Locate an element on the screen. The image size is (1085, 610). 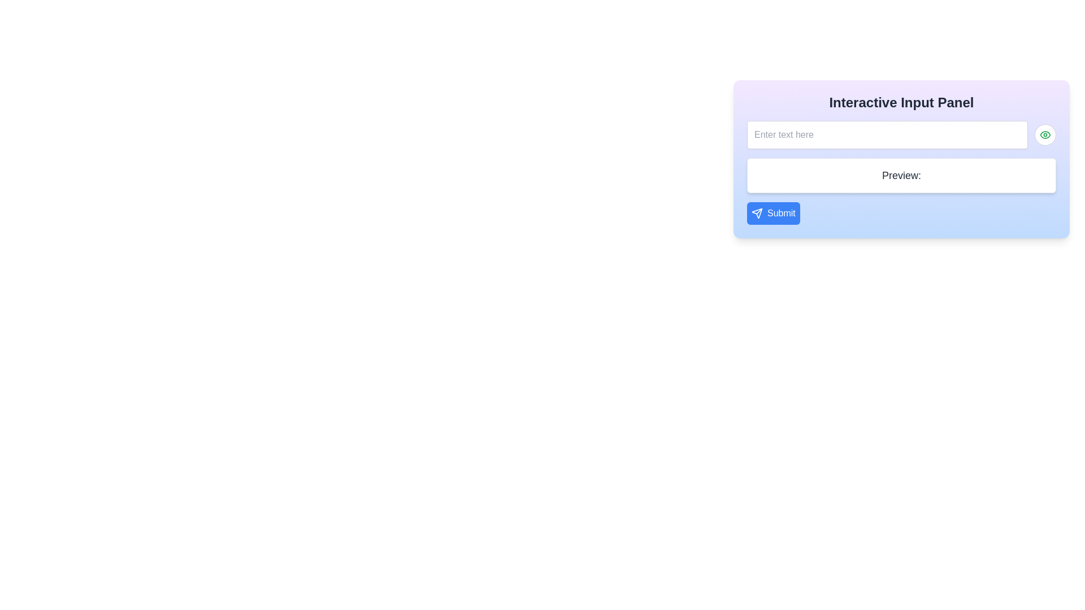
the text label reading 'Preview:' which is styled in a large gray-colored font, located at the top-center of its panel is located at coordinates (901, 176).